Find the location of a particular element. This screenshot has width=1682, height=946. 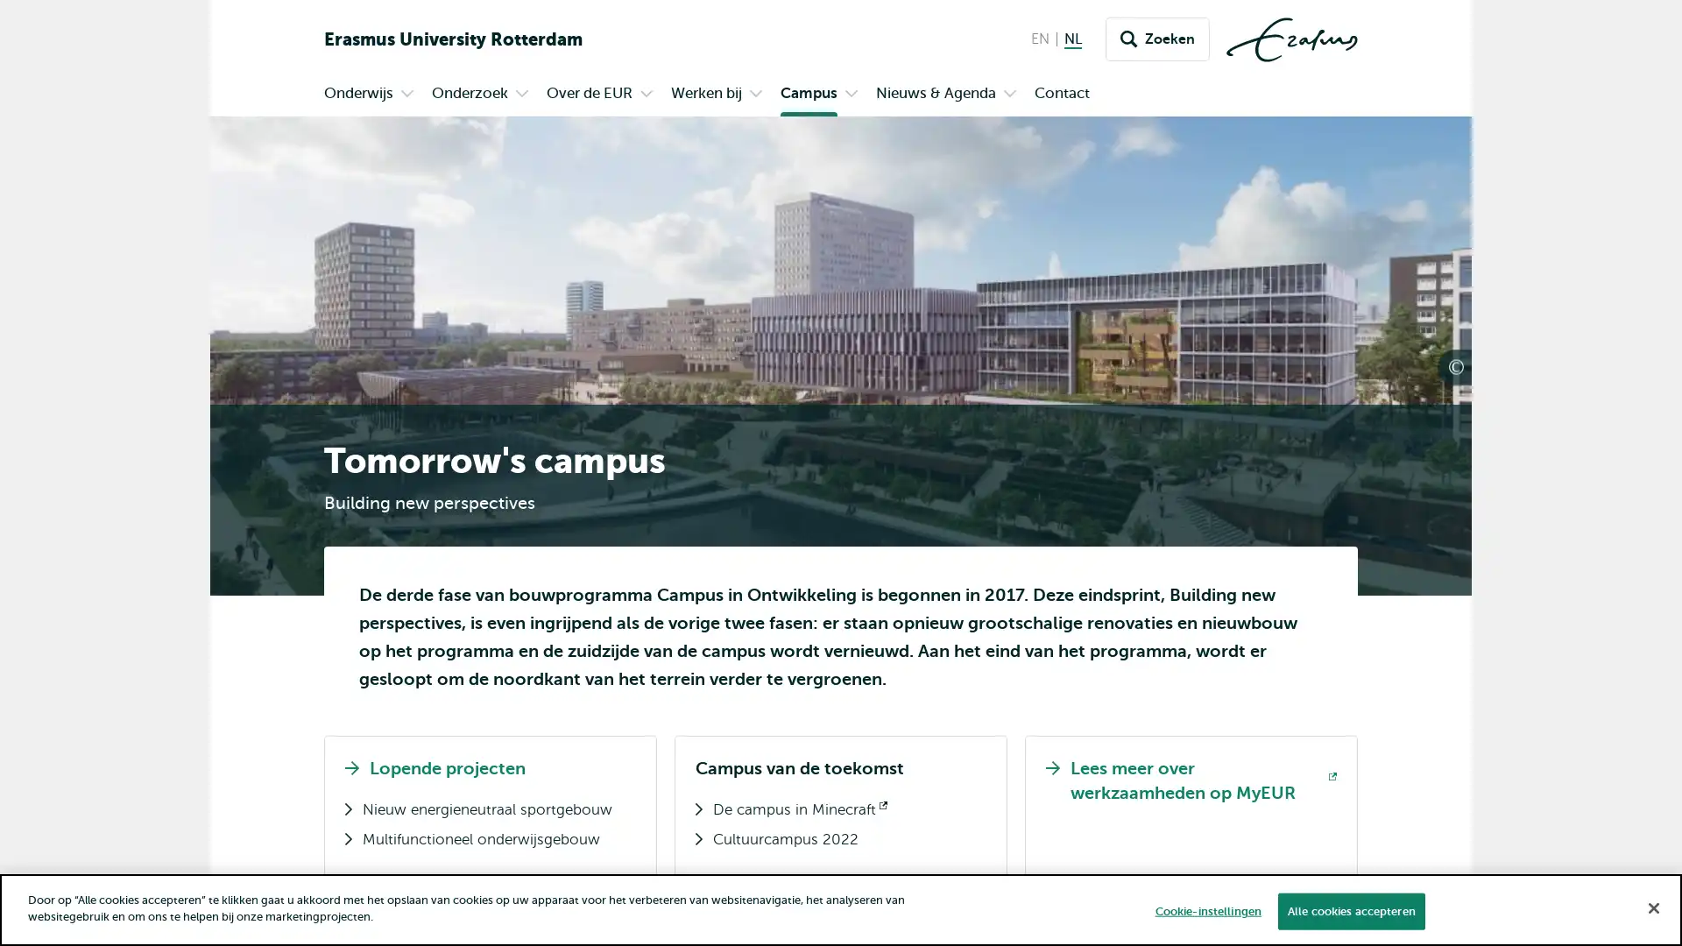

Sluiten is located at coordinates (1652, 907).